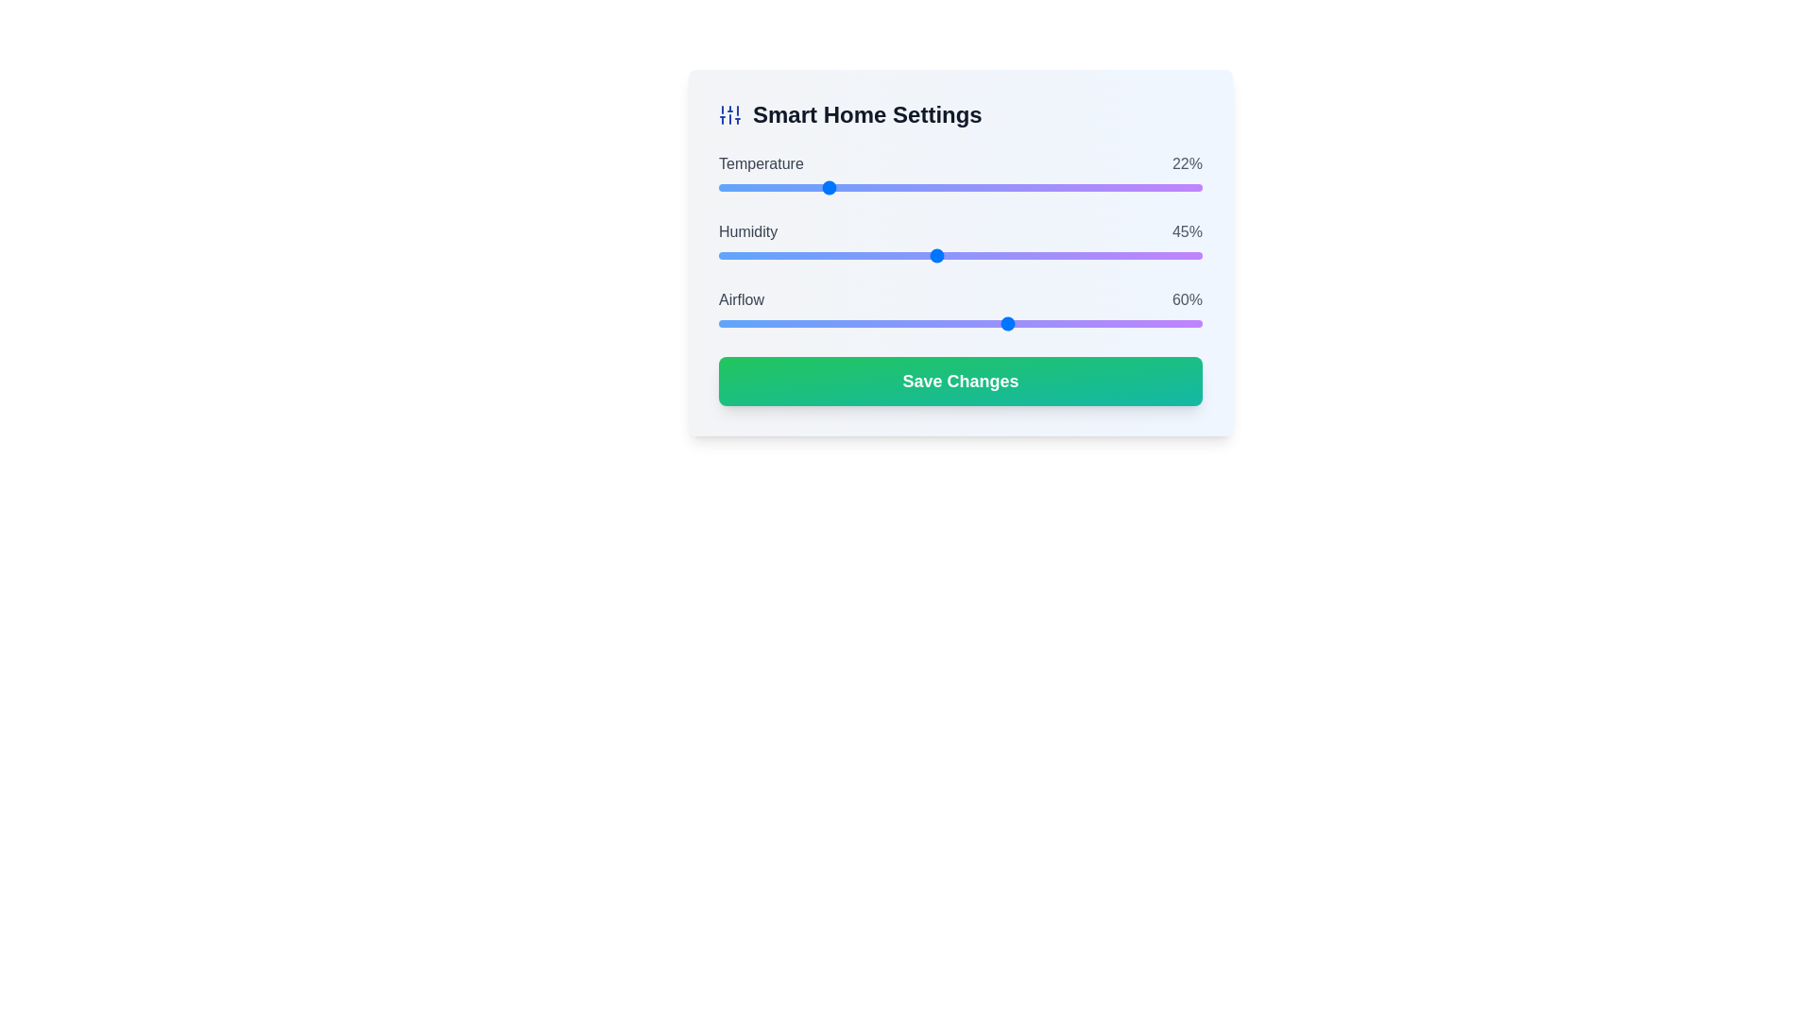 This screenshot has width=1814, height=1020. I want to click on the humidity level, so click(980, 255).